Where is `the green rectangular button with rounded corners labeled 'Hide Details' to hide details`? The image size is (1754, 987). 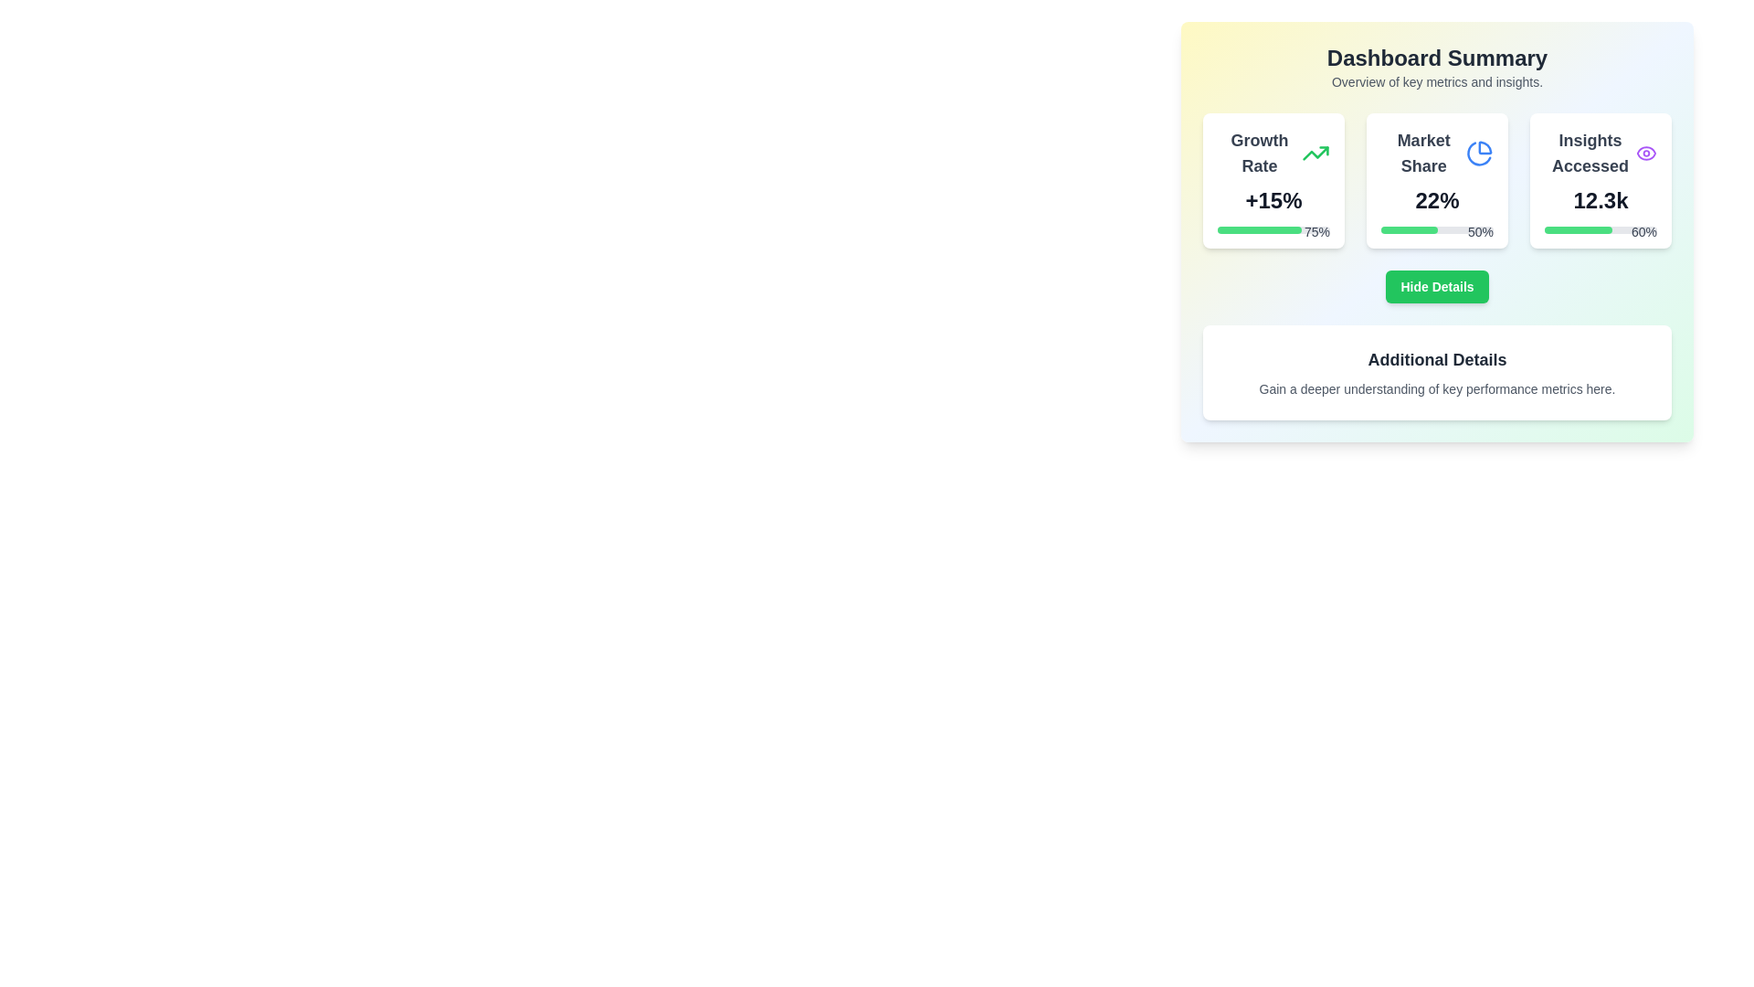 the green rectangular button with rounded corners labeled 'Hide Details' to hide details is located at coordinates (1436, 286).